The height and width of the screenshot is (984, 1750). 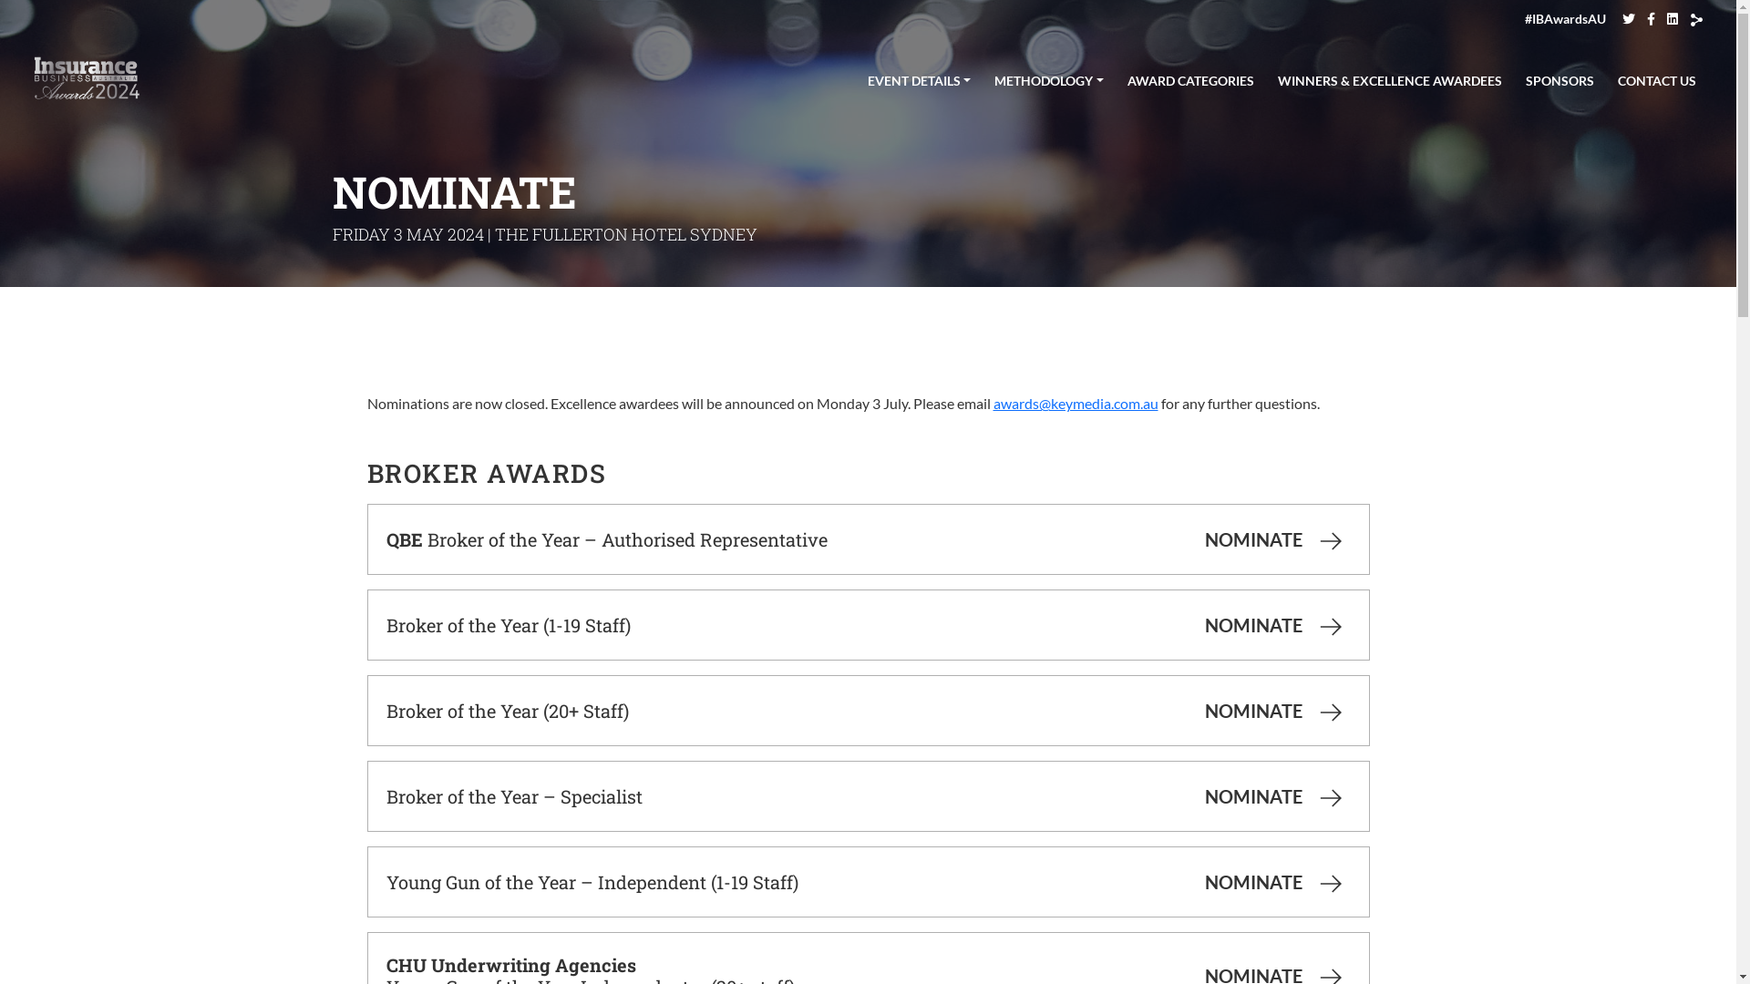 I want to click on 'METHODOLOGY', so click(x=1049, y=77).